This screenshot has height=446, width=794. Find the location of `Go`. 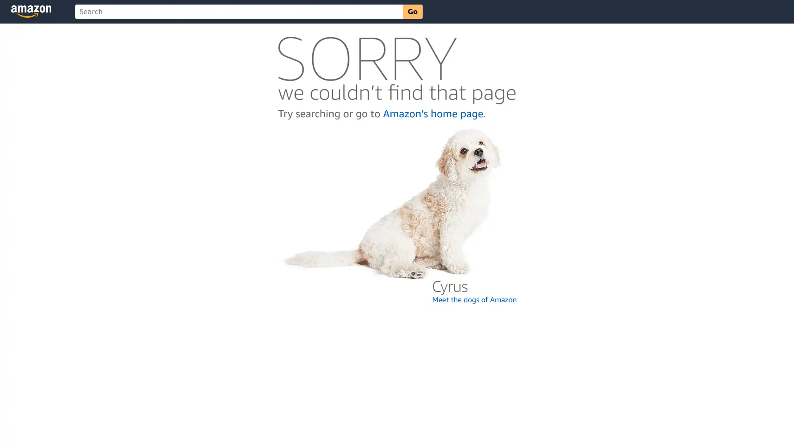

Go is located at coordinates (413, 12).